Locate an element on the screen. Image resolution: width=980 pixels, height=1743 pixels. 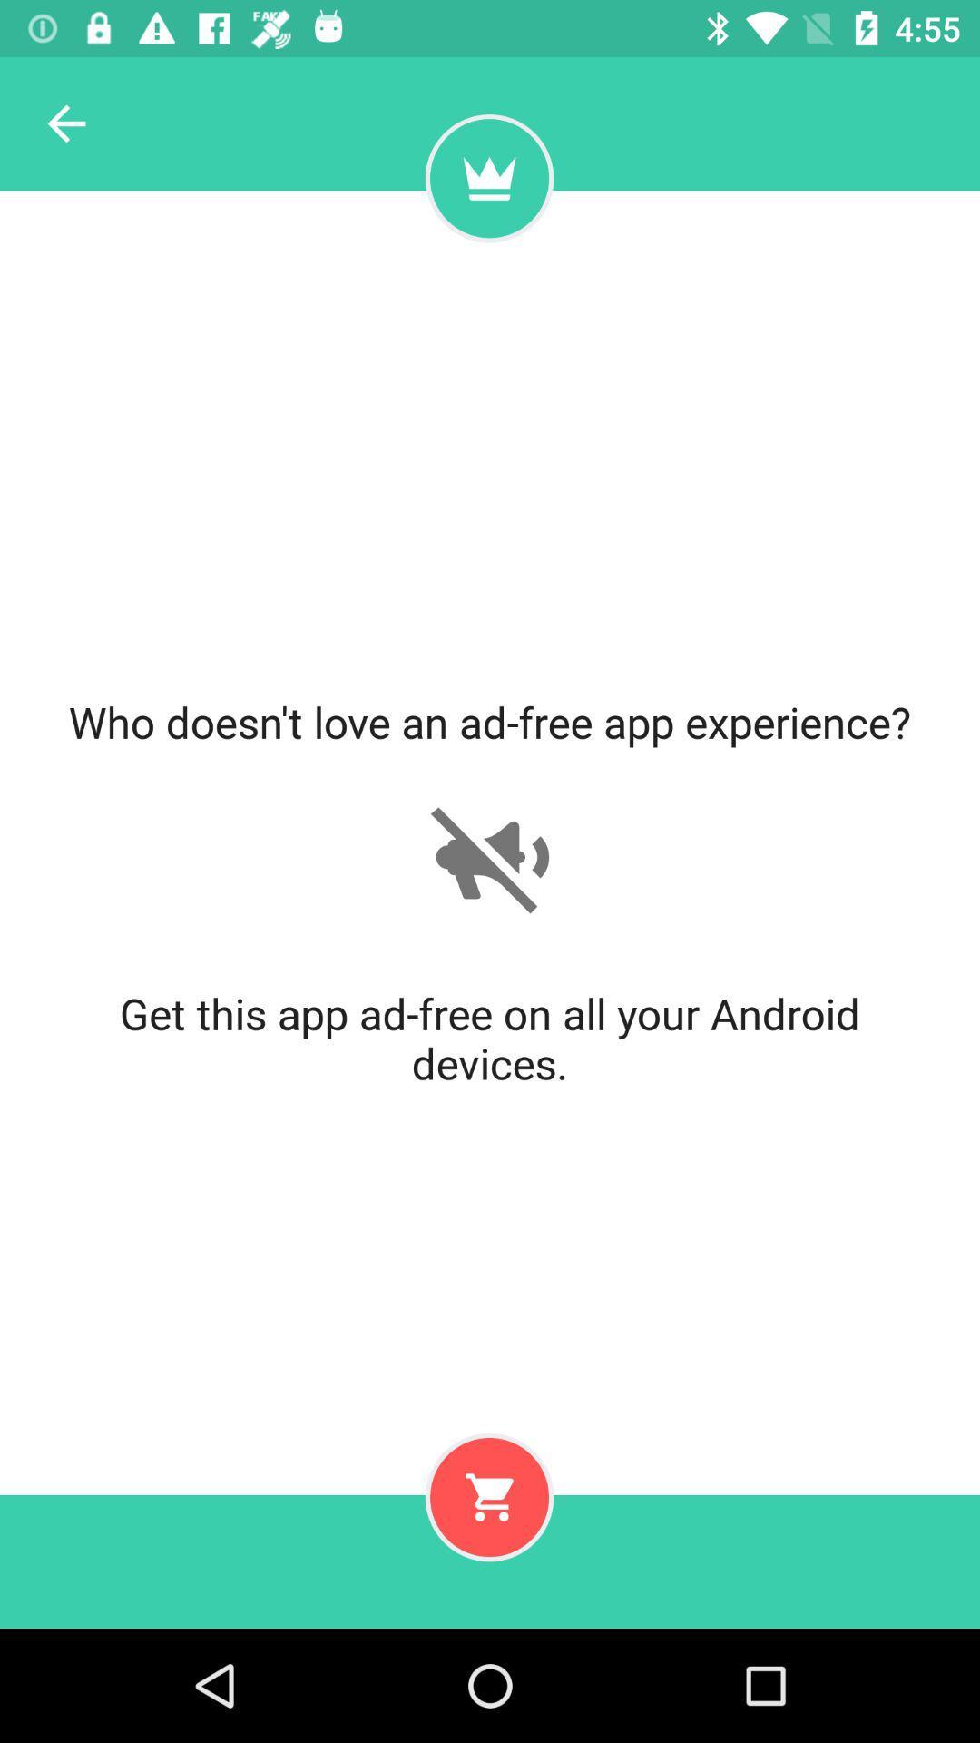
the cart icon is located at coordinates (488, 1497).